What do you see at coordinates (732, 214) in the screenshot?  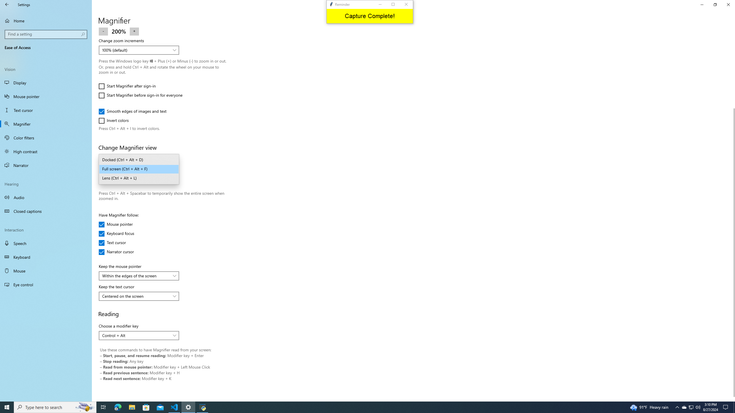 I see `'Vertical'` at bounding box center [732, 214].